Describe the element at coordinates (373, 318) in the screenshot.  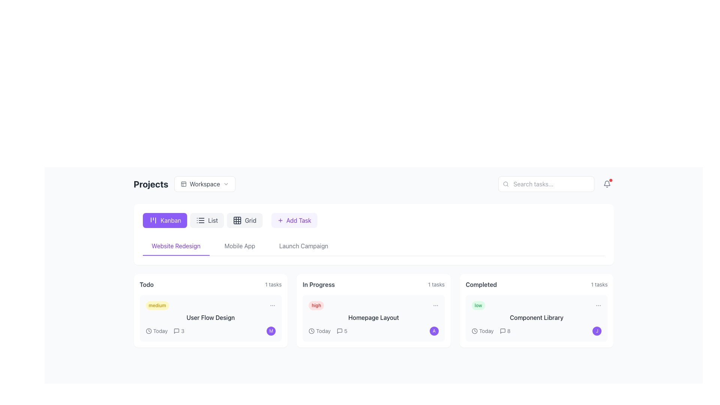
I see `the 'Homepage Layout' task card located in the 'In Progress' column of the Kanban board` at that location.